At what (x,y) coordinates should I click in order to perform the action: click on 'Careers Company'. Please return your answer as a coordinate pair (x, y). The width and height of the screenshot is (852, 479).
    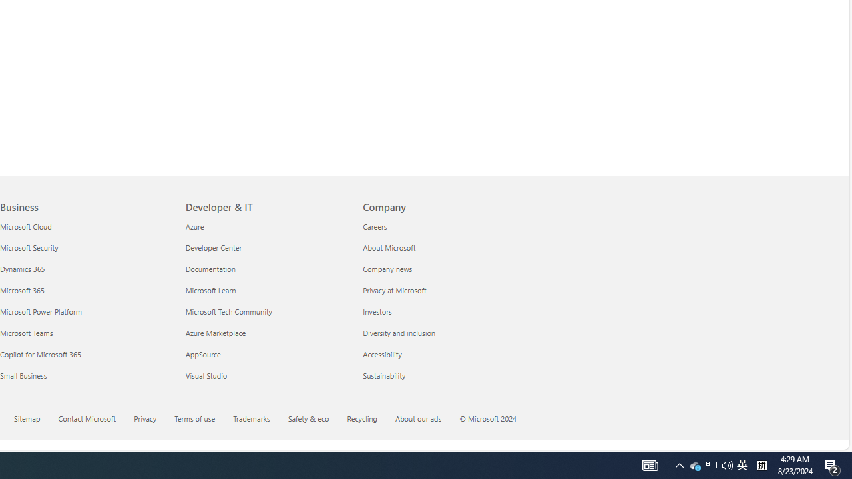
    Looking at the image, I should click on (374, 225).